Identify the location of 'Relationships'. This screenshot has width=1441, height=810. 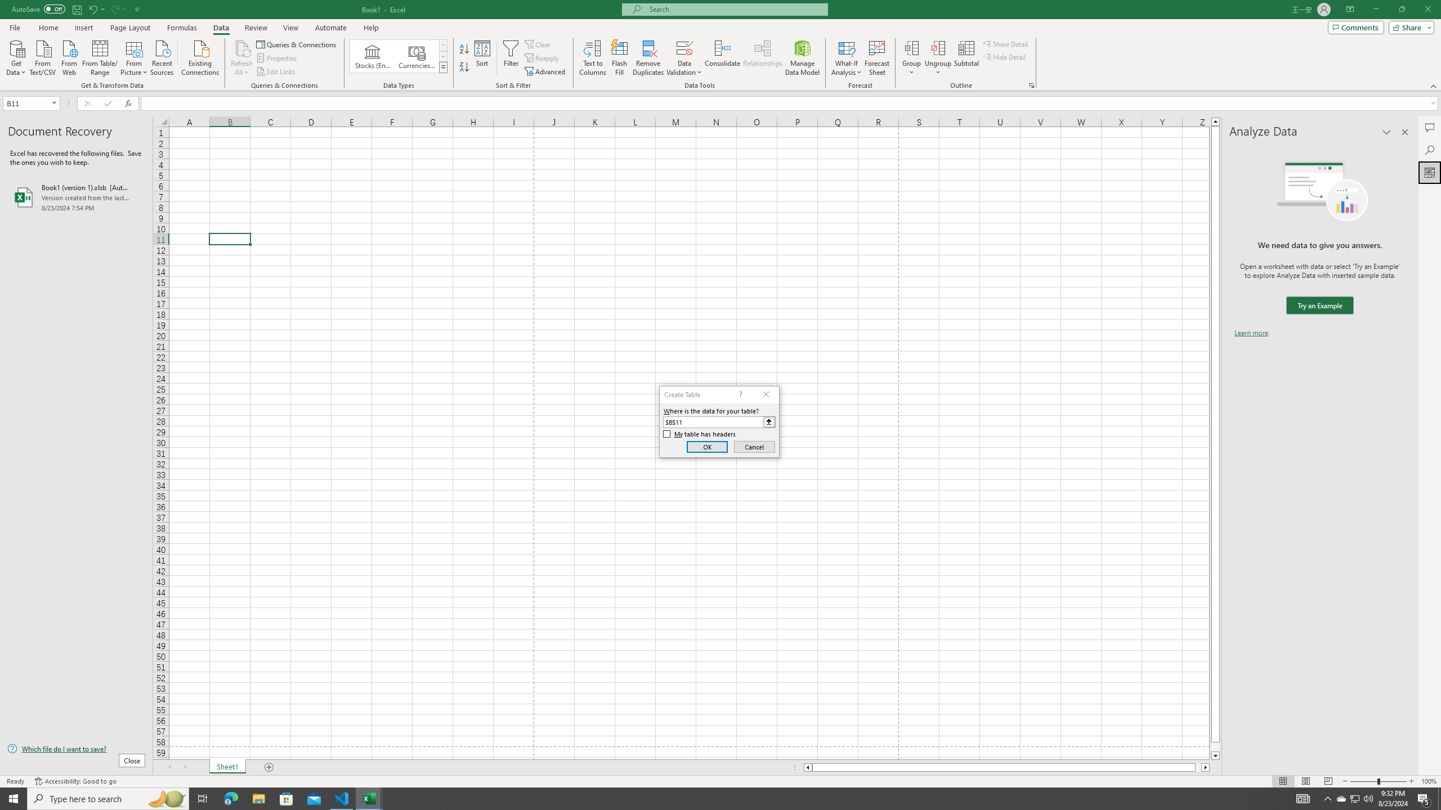
(762, 58).